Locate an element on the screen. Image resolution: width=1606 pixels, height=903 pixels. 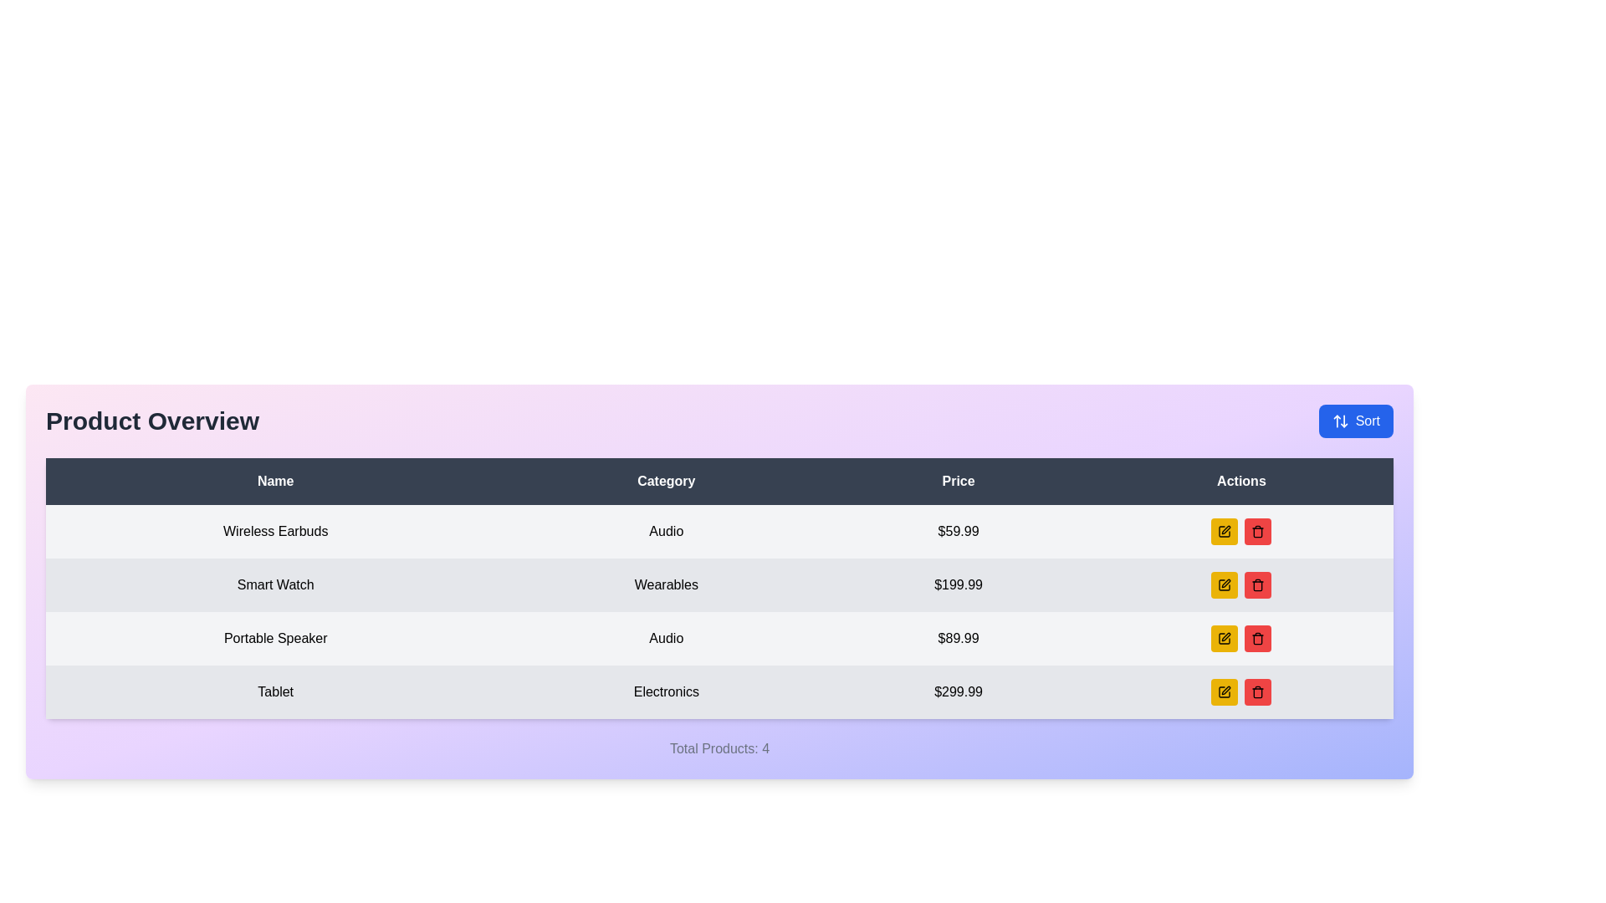
the 'edit' icon button located in the 'Actions' column of the table for the 'Tablet' item is located at coordinates (1225, 529).